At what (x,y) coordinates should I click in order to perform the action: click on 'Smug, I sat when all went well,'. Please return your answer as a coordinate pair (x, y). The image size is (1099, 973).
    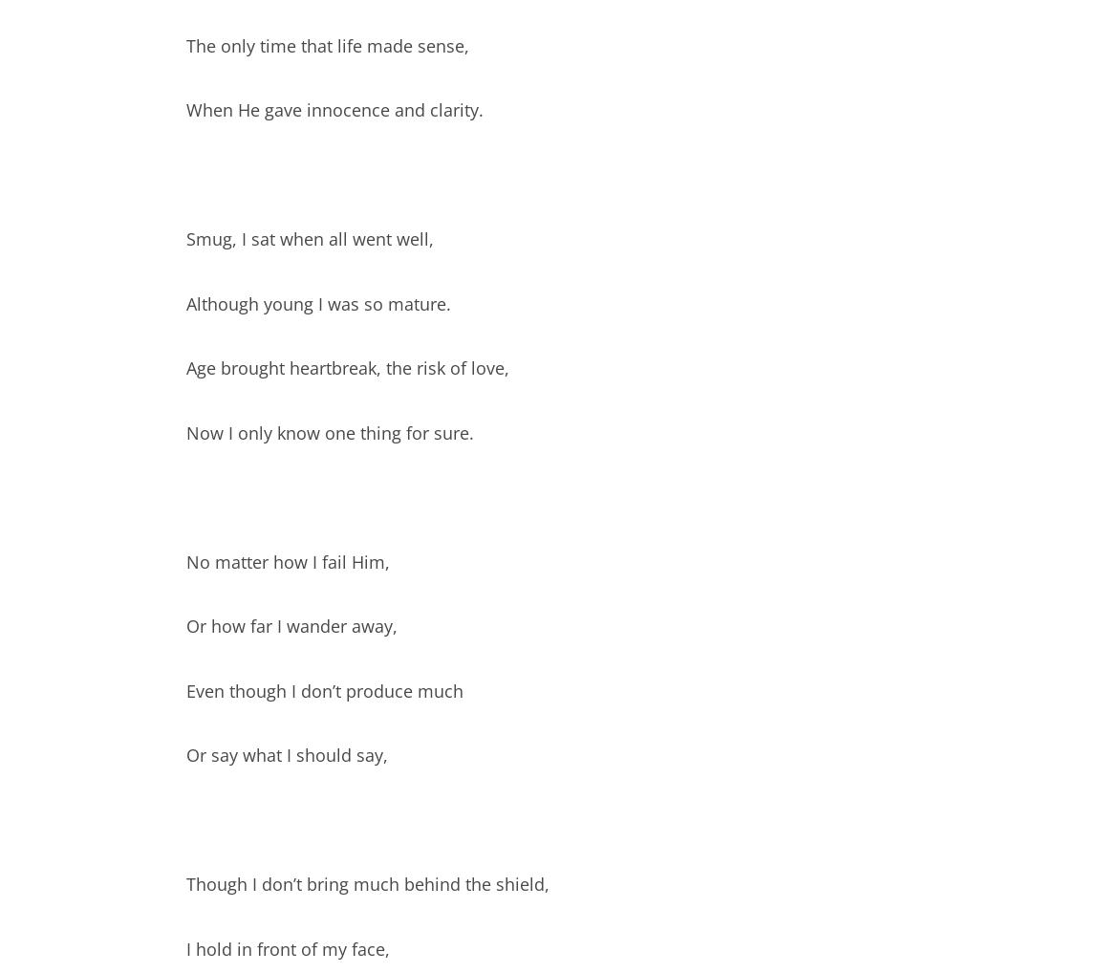
    Looking at the image, I should click on (310, 238).